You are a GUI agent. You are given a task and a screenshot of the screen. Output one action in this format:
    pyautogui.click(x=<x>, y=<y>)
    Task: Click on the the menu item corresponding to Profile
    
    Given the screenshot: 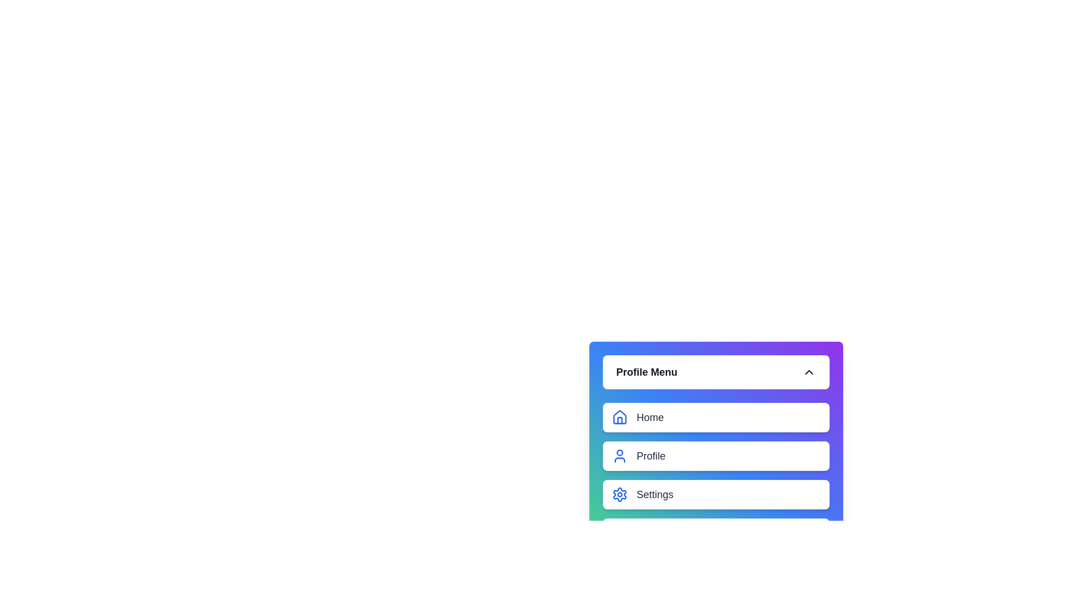 What is the action you would take?
    pyautogui.click(x=619, y=456)
    